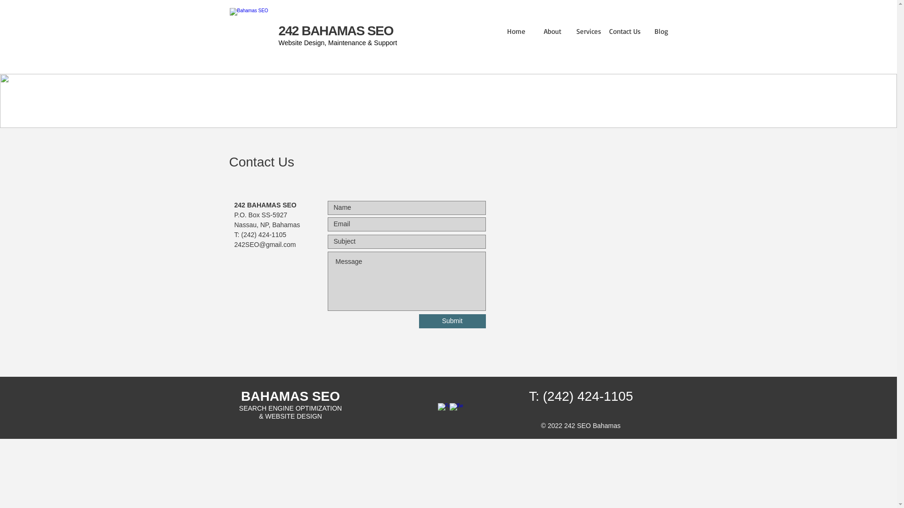  I want to click on 'Google Maps', so click(582, 255).